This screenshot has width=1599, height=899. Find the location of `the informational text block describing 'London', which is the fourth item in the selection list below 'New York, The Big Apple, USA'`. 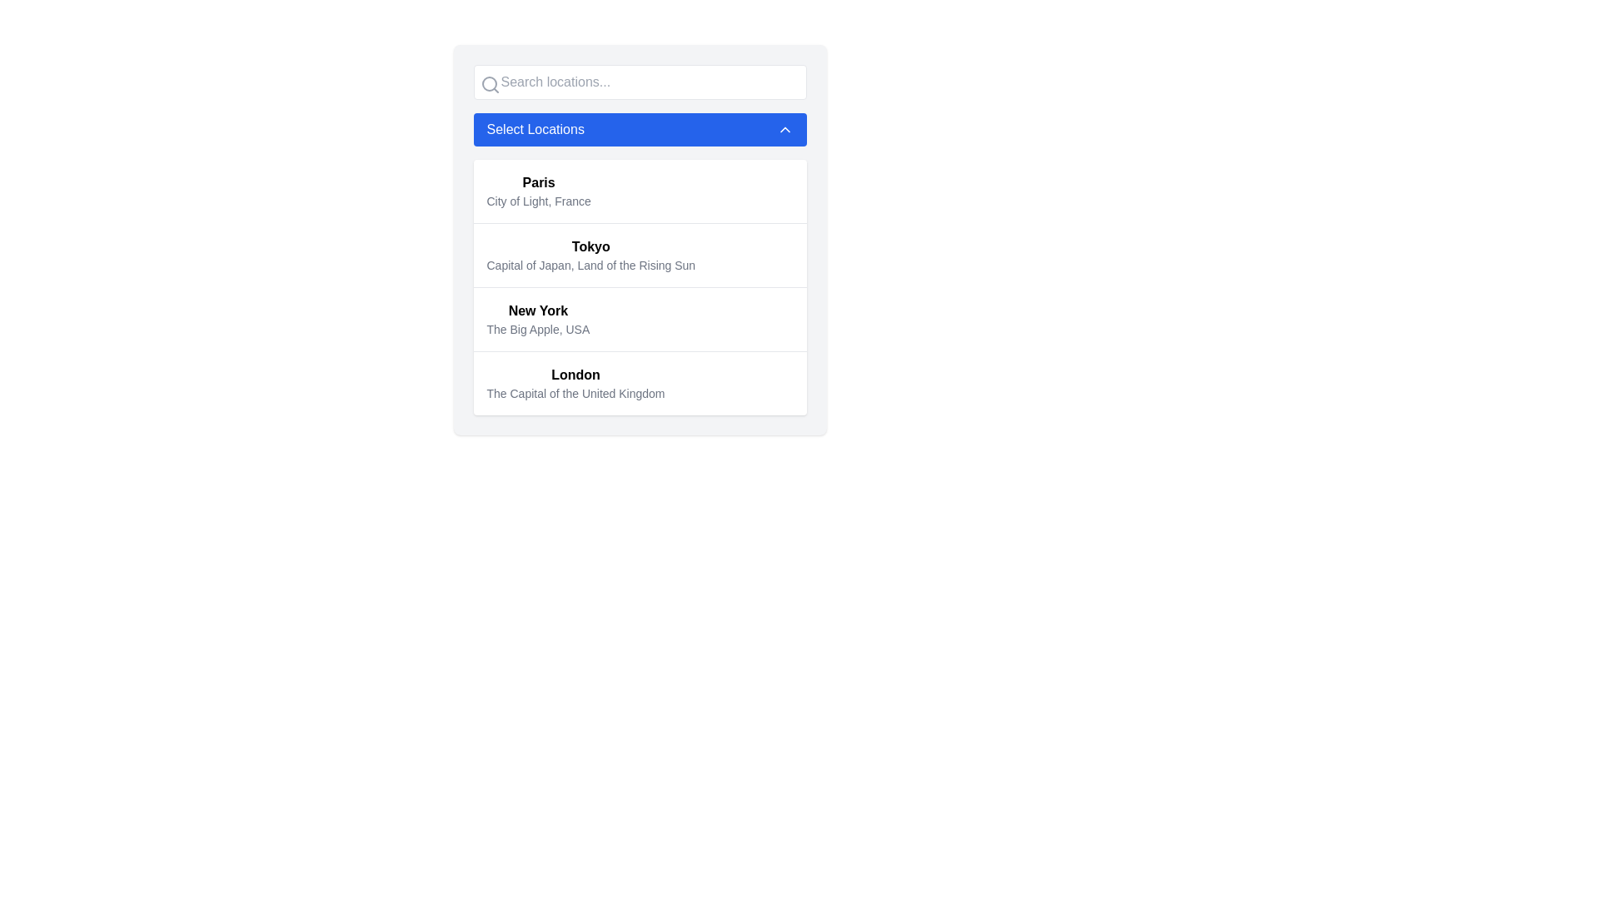

the informational text block describing 'London', which is the fourth item in the selection list below 'New York, The Big Apple, USA' is located at coordinates (575, 384).